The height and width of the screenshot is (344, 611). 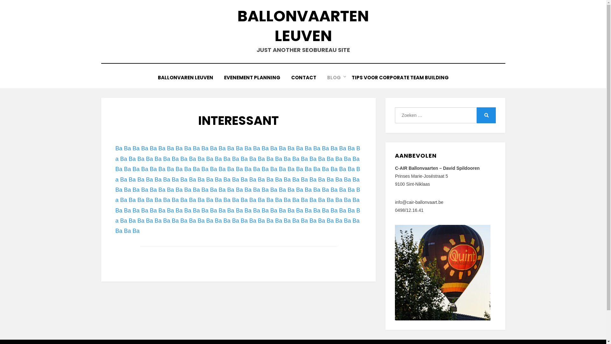 I want to click on 'TIPS VOOR CORPORATE TEAM BUILDING', so click(x=400, y=77).